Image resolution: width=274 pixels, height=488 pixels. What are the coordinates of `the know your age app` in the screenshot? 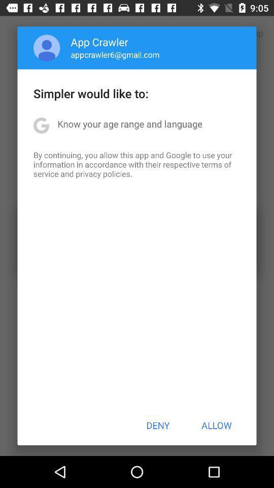 It's located at (130, 123).